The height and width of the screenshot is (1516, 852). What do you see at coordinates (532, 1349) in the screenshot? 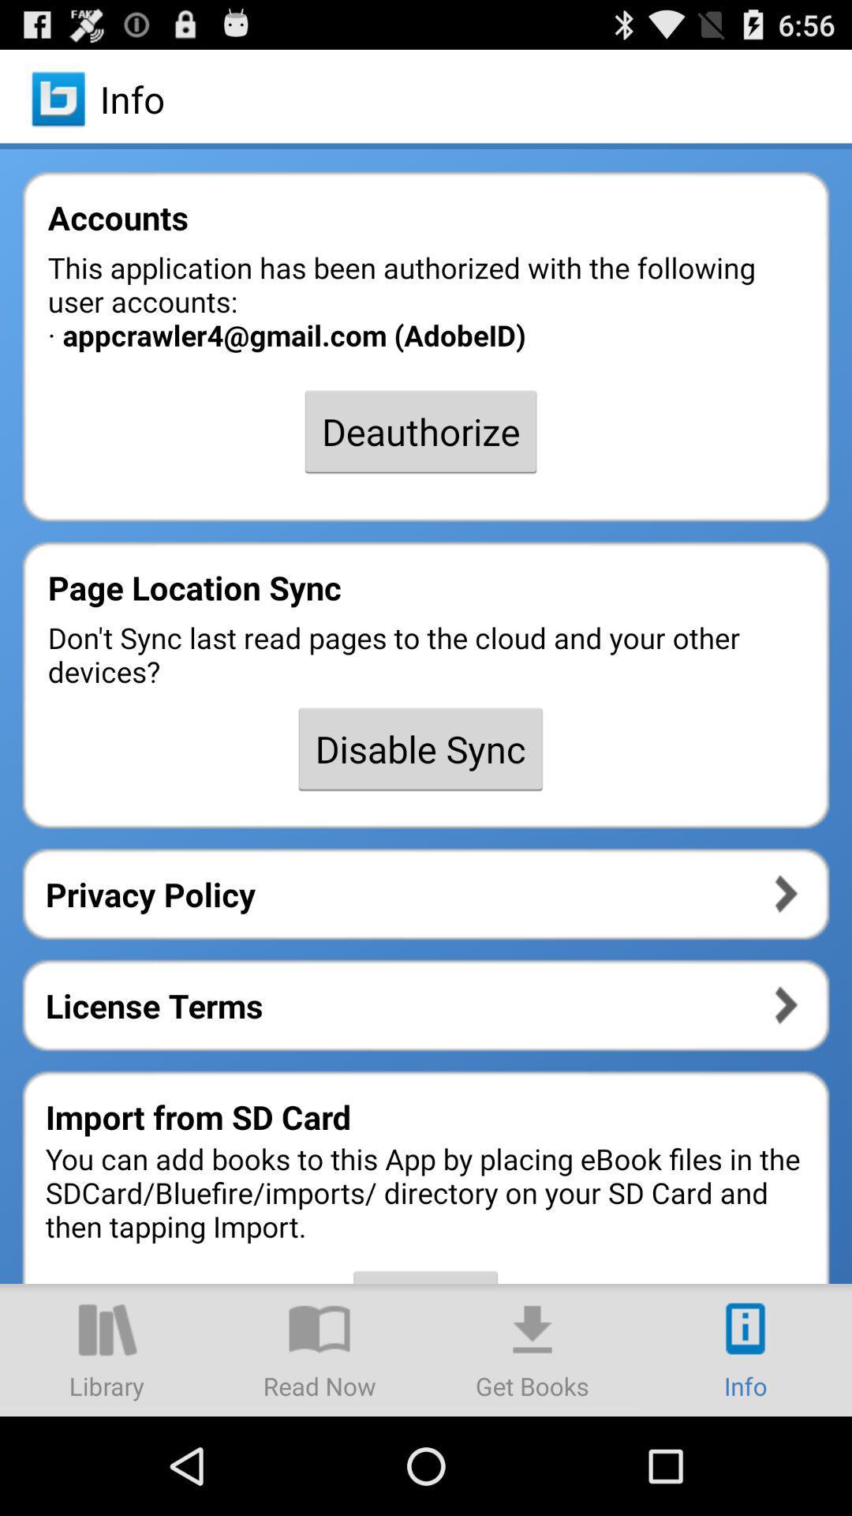
I see `download books icon` at bounding box center [532, 1349].